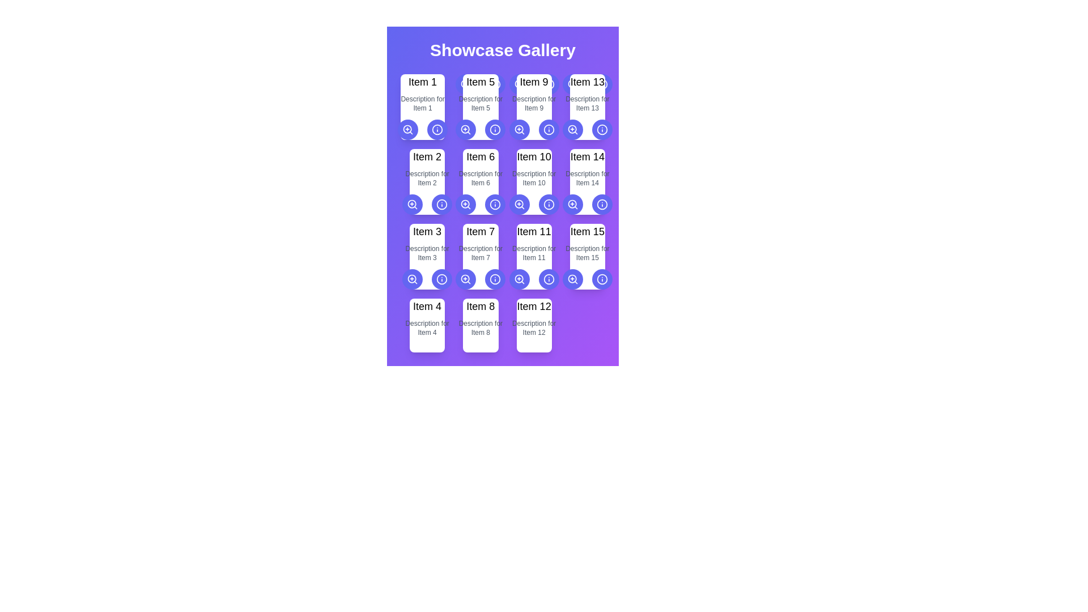 This screenshot has width=1088, height=612. What do you see at coordinates (481, 178) in the screenshot?
I see `the text label displaying 'Description for Item 6', which is located directly below the 'Item 6' title in a centralized layout` at bounding box center [481, 178].